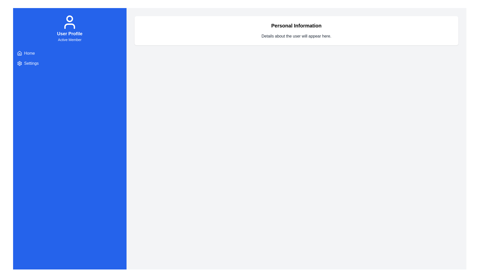 The width and height of the screenshot is (483, 272). What do you see at coordinates (19, 63) in the screenshot?
I see `the 'Settings' icon in the navigation menu, which is located below the 'Home' icon and is the second item in the vertical stack of menu items on the left sidebar` at bounding box center [19, 63].